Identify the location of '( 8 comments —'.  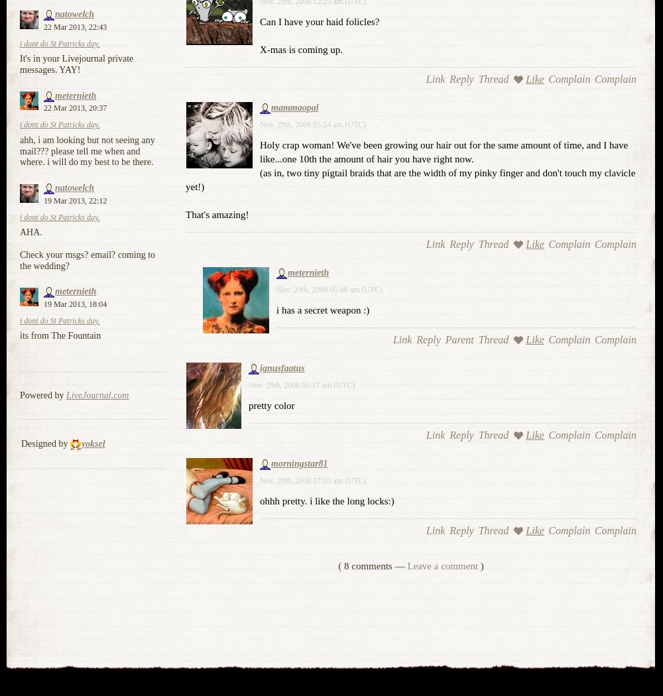
(338, 565).